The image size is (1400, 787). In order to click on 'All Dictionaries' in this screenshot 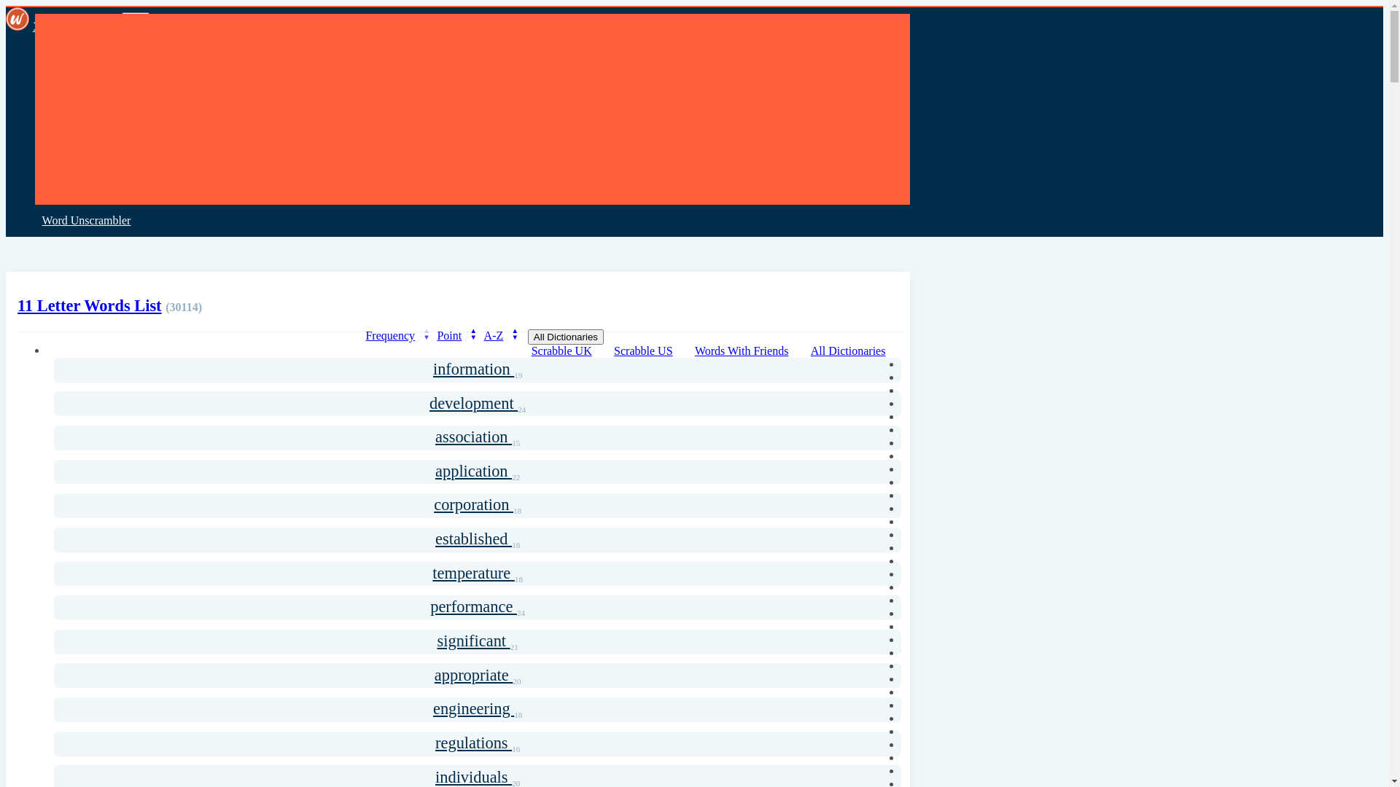, I will do `click(565, 337)`.